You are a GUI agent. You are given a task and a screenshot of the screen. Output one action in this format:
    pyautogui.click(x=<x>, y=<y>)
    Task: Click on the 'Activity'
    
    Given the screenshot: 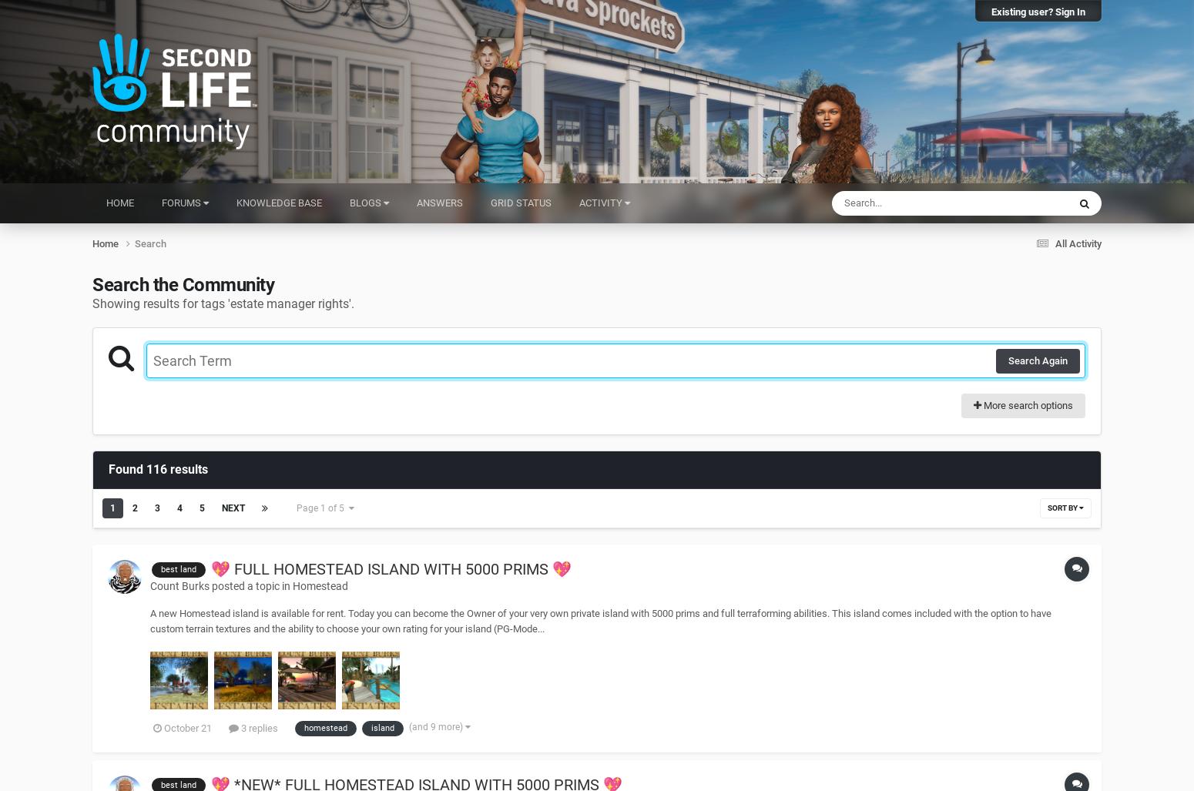 What is the action you would take?
    pyautogui.click(x=601, y=203)
    